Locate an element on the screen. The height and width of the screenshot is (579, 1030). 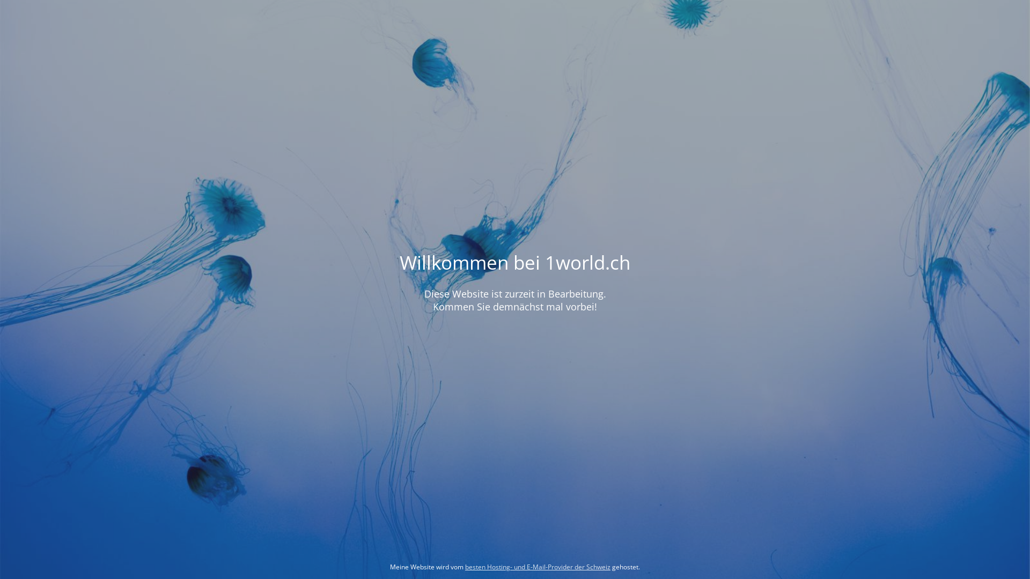
'besten Hosting- und E-Mail-Provider der Schweiz' is located at coordinates (538, 566).